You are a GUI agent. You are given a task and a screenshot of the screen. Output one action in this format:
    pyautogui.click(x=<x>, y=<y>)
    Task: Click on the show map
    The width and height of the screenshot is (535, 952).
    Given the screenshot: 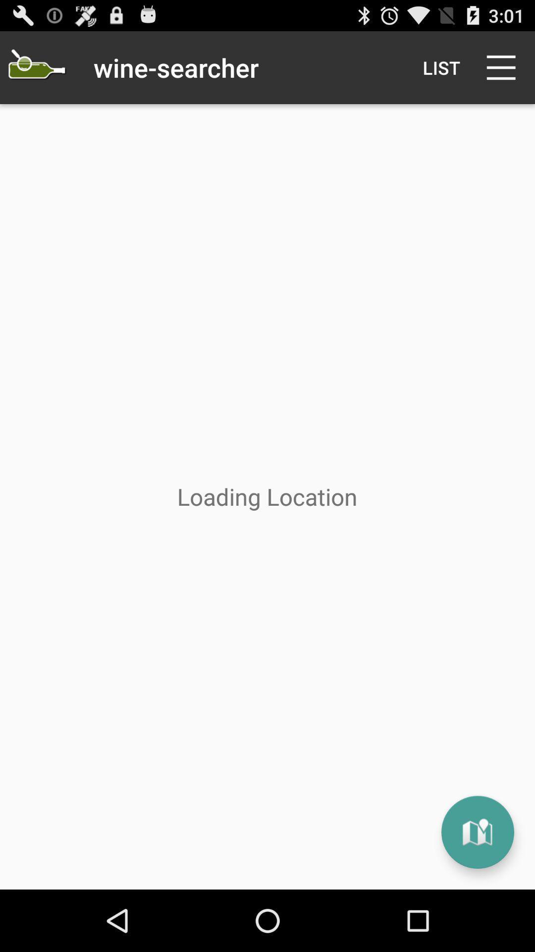 What is the action you would take?
    pyautogui.click(x=477, y=832)
    